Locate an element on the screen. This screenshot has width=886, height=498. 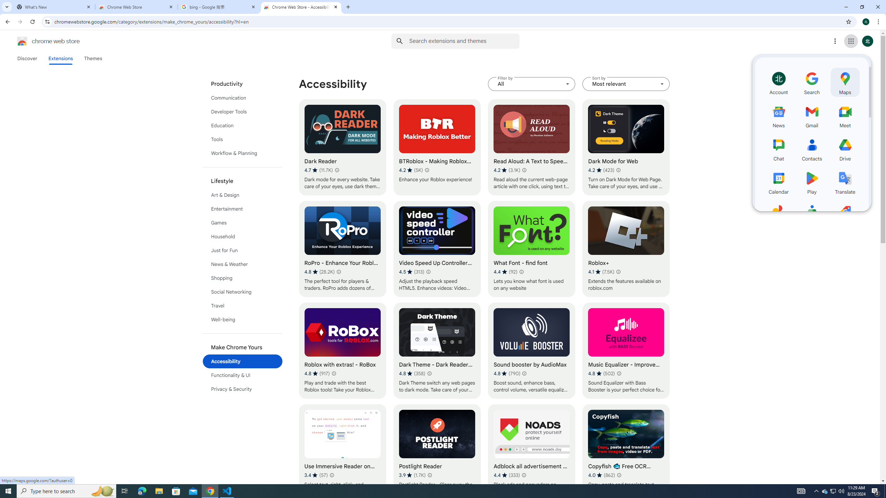
'Average rating 4.8 out of 5 stars. 28.2K ratings.' is located at coordinates (319, 271).